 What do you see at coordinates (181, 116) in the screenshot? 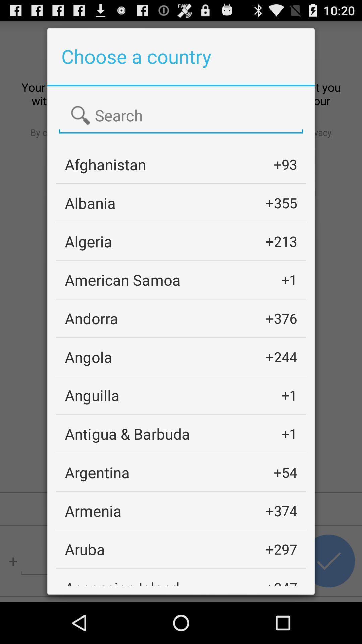
I see `search box` at bounding box center [181, 116].